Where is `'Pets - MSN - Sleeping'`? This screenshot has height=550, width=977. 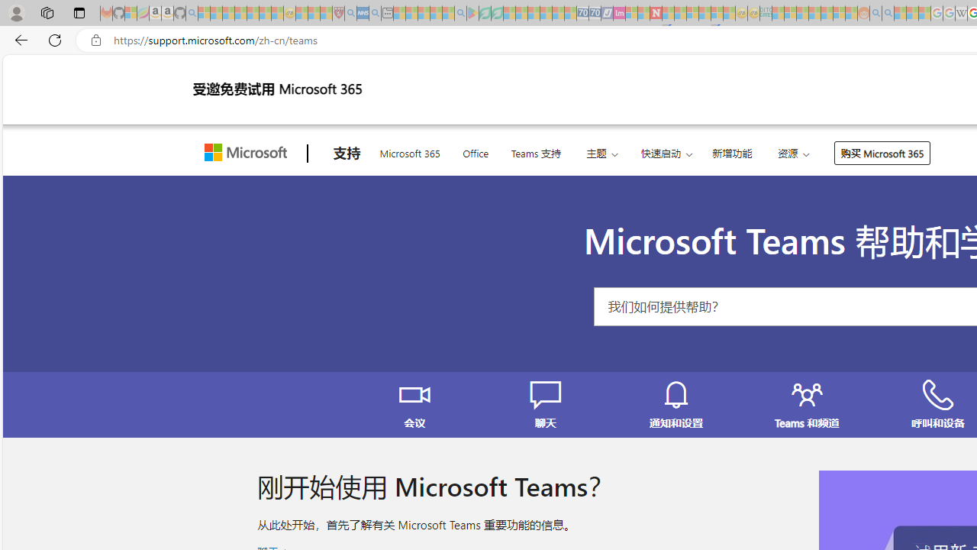
'Pets - MSN - Sleeping' is located at coordinates (435, 13).